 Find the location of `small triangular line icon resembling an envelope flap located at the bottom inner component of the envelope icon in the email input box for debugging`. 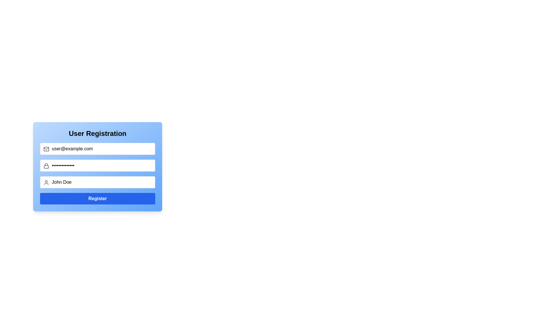

small triangular line icon resembling an envelope flap located at the bottom inner component of the envelope icon in the email input box for debugging is located at coordinates (46, 148).